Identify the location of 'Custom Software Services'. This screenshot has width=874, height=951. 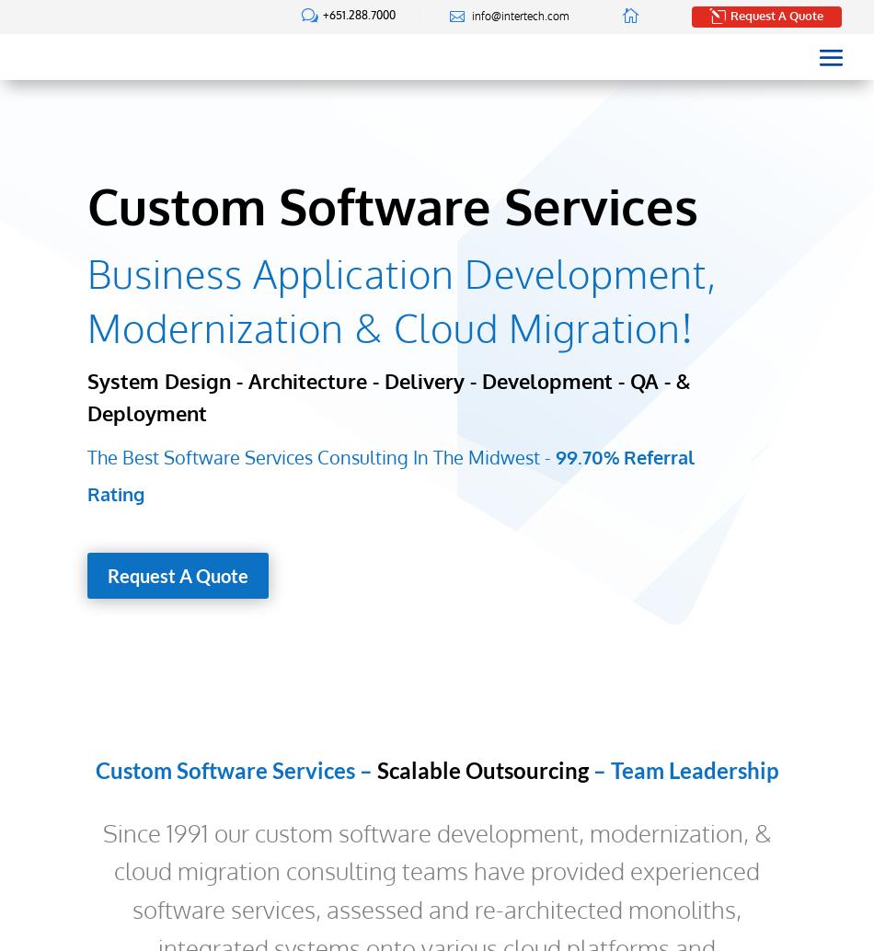
(392, 205).